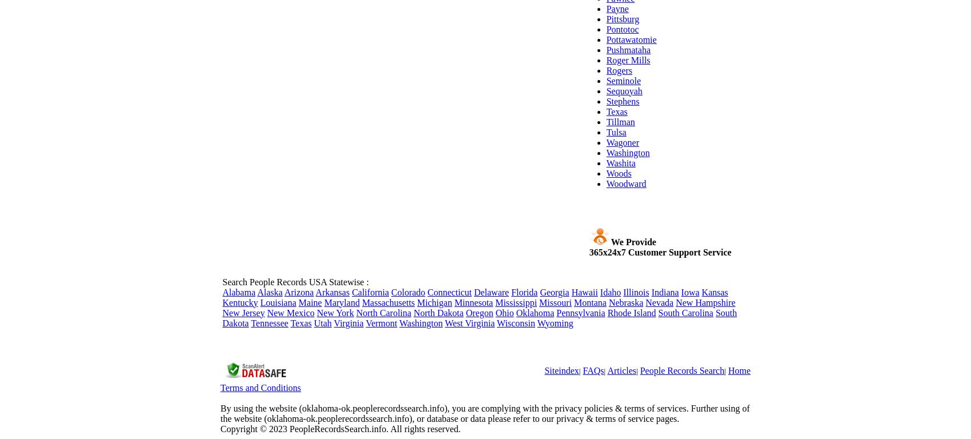 The height and width of the screenshot is (439, 971). I want to click on 'New Mexico', so click(290, 312).